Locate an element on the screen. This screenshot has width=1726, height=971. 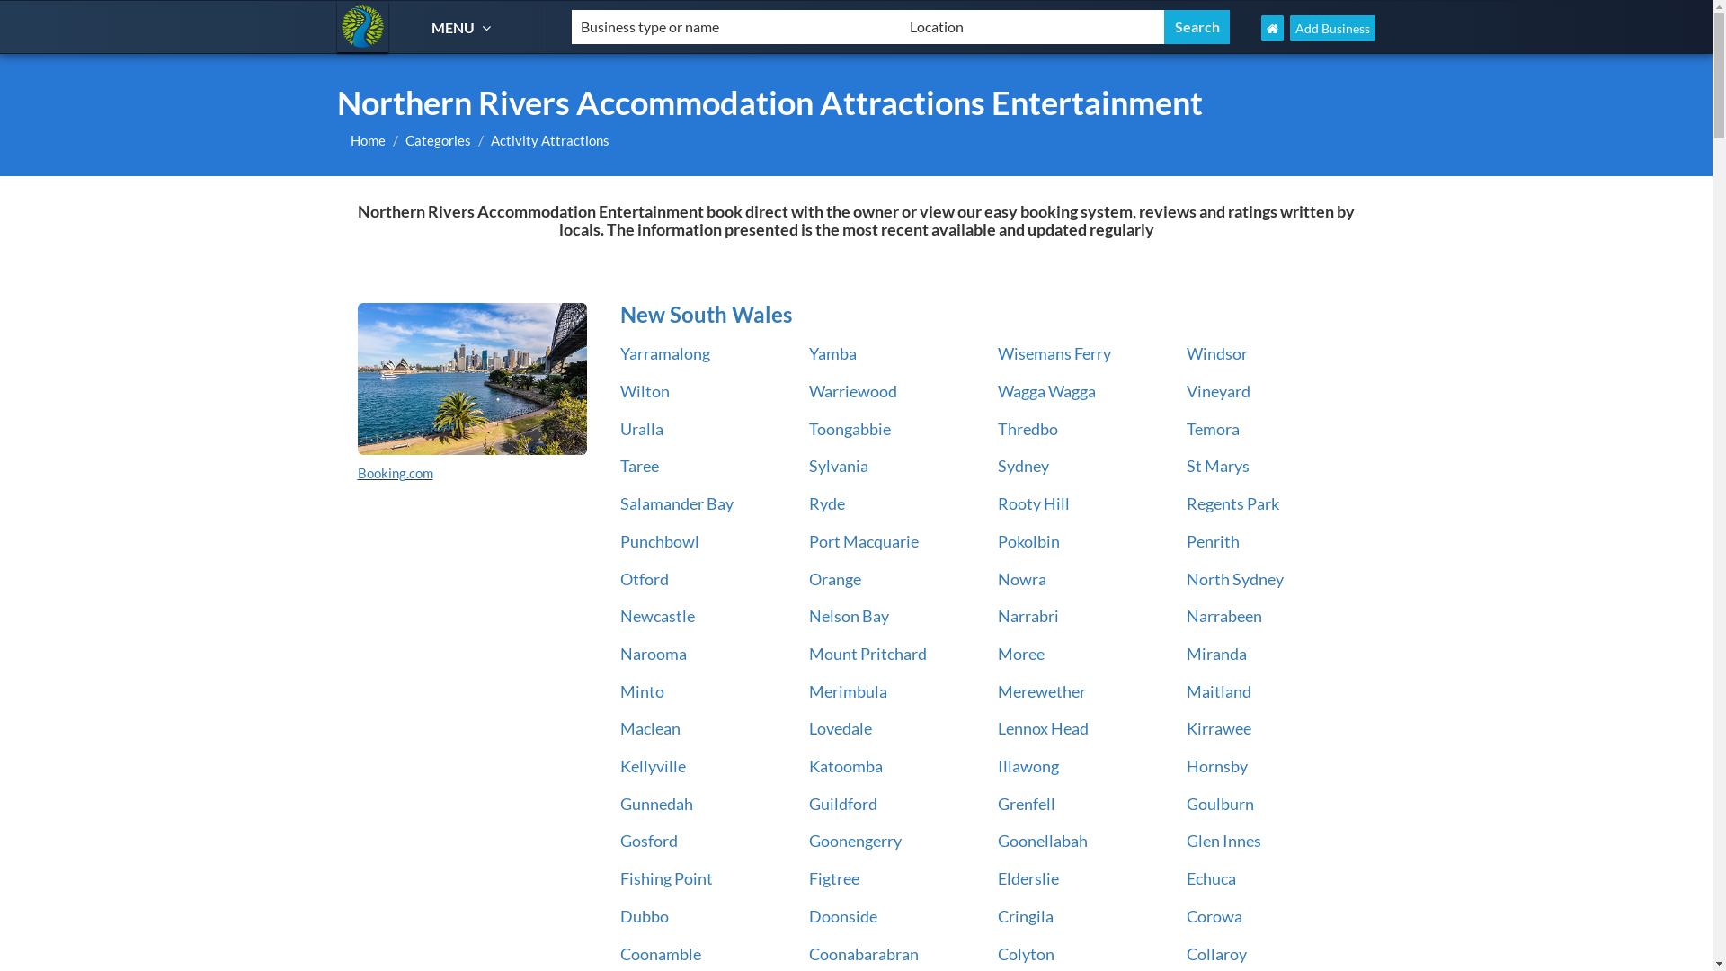
'Merimbula' is located at coordinates (808, 690).